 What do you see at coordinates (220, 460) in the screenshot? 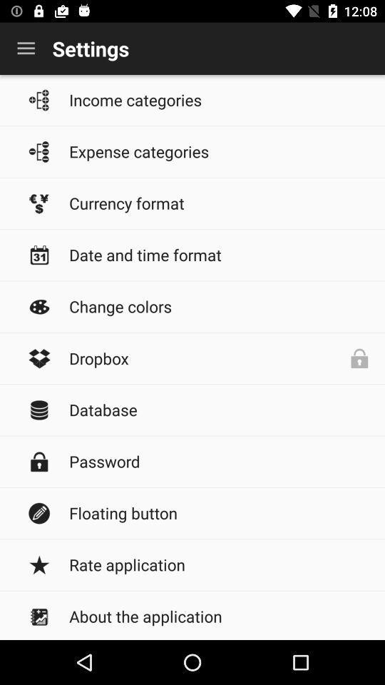
I see `password item` at bounding box center [220, 460].